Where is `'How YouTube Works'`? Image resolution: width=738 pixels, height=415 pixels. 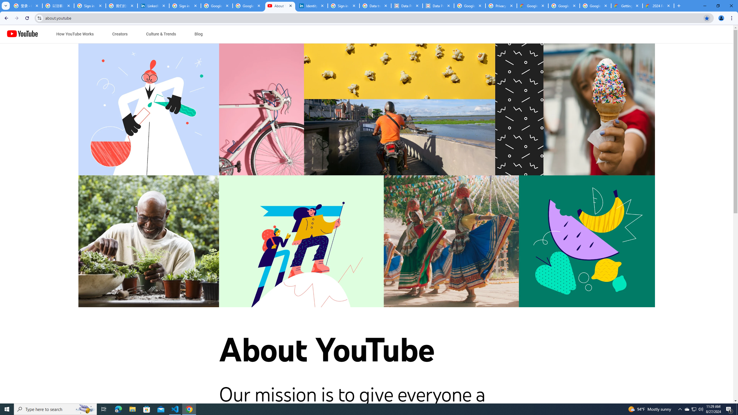 'How YouTube Works' is located at coordinates (74, 34).